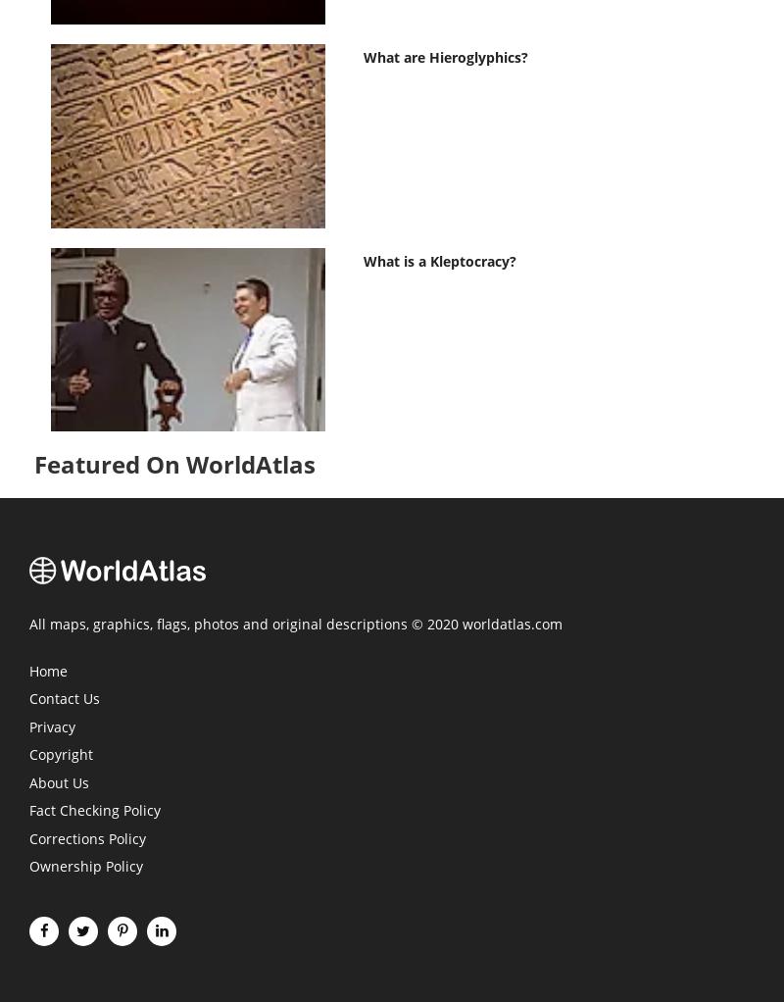 This screenshot has width=784, height=1002. I want to click on 'Contact Us', so click(64, 699).